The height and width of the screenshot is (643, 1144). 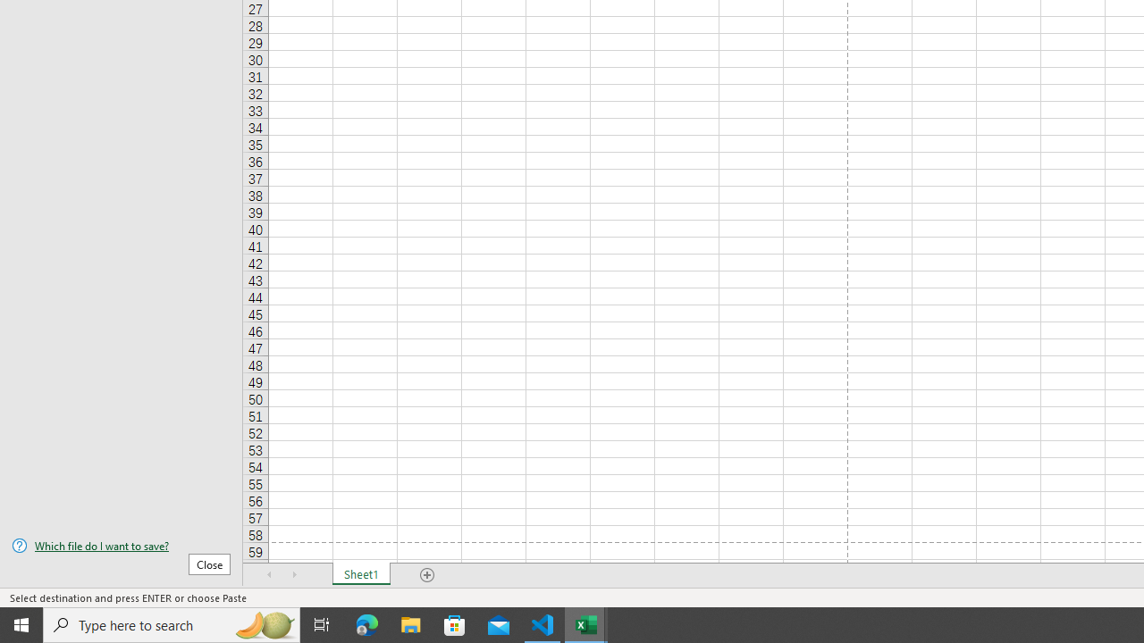 What do you see at coordinates (410, 623) in the screenshot?
I see `'File Explorer'` at bounding box center [410, 623].